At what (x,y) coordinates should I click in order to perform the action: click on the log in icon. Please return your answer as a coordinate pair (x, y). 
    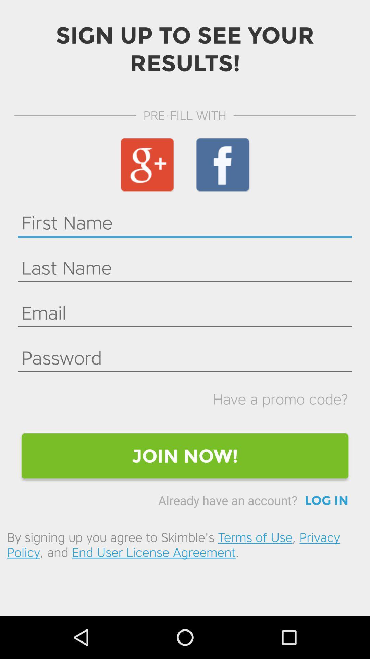
    Looking at the image, I should click on (326, 500).